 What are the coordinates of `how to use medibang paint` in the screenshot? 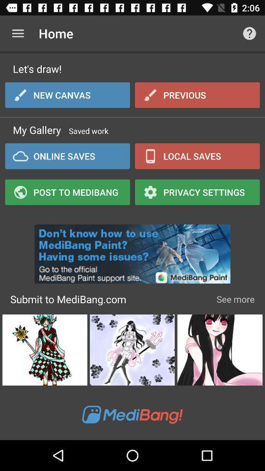 It's located at (132, 251).